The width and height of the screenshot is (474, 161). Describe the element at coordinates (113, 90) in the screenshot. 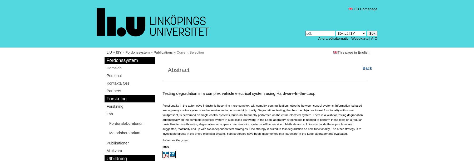

I see `'Partners'` at that location.